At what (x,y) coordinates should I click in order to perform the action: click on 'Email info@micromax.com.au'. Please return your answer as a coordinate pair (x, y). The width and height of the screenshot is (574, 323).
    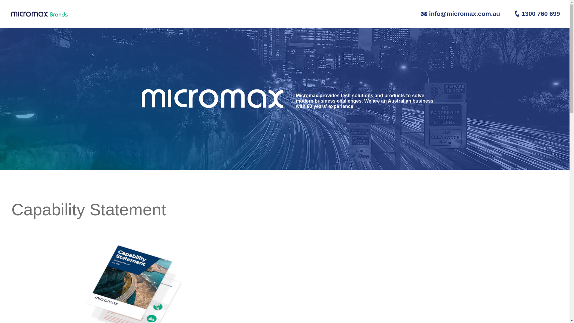
    Looking at the image, I should click on (454, 13).